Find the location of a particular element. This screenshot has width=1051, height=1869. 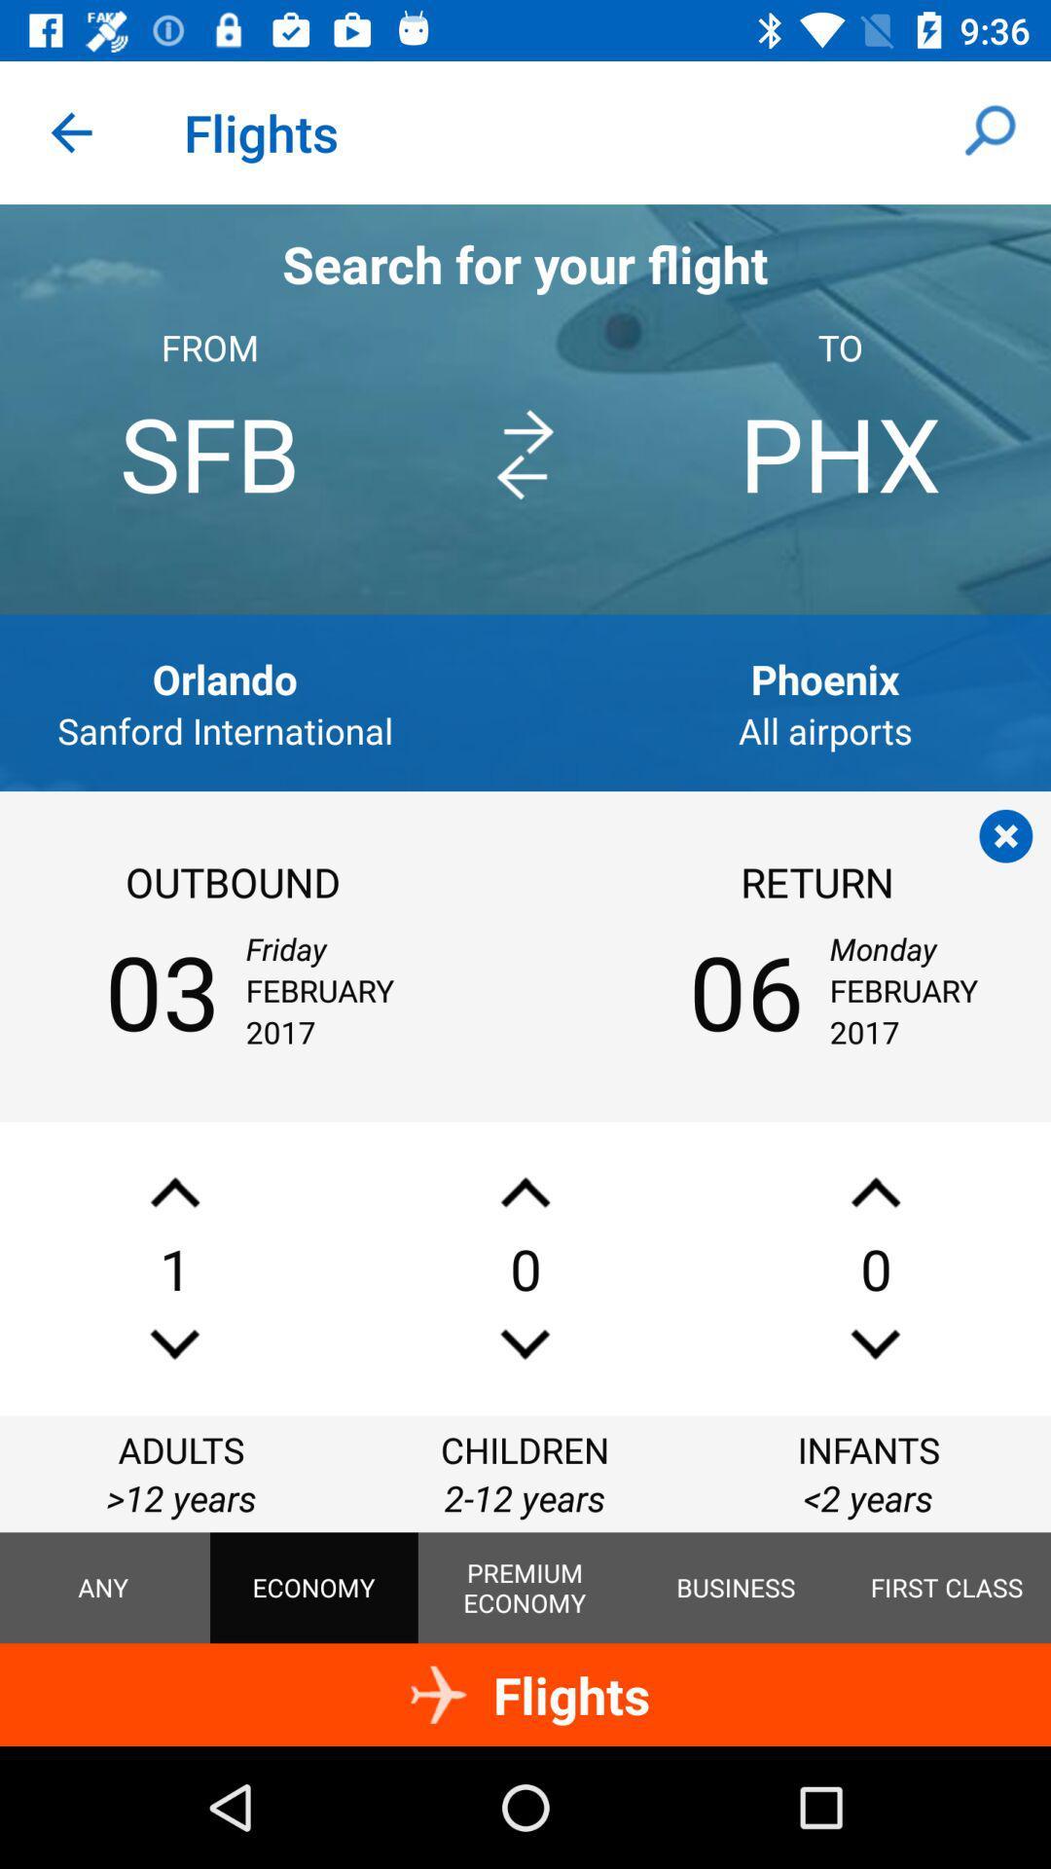

another person is located at coordinates (175, 1191).